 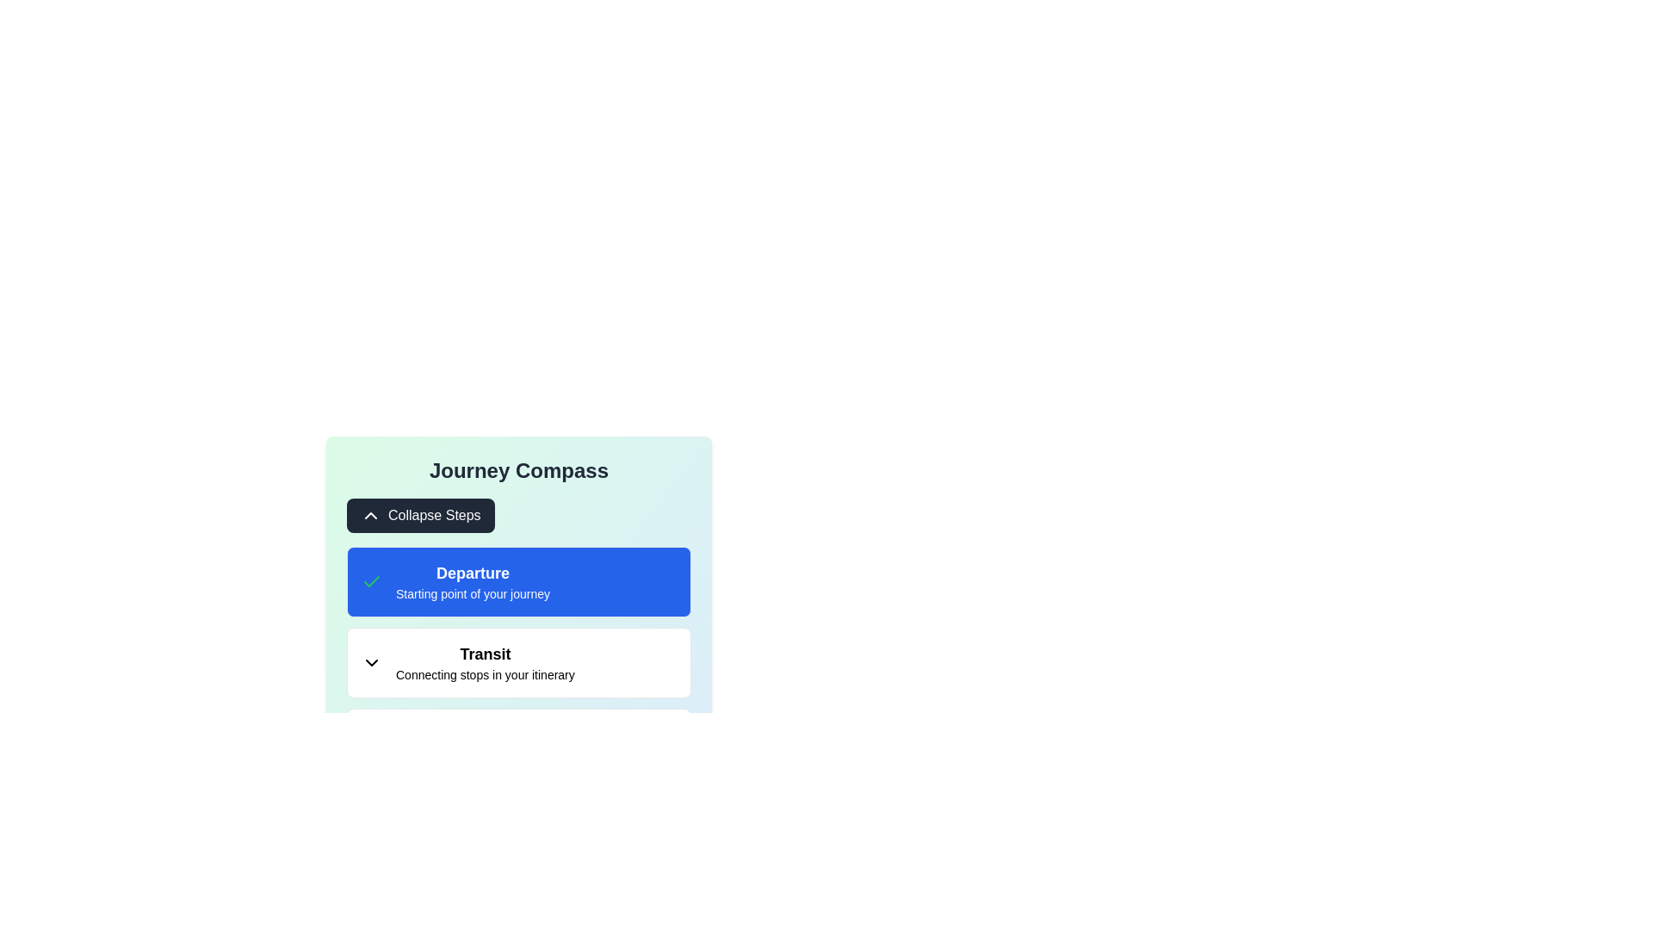 What do you see at coordinates (484, 654) in the screenshot?
I see `the text label that serves as the title for the transit-related details, positioned centrally within the white rectangular section below the 'Departure' card` at bounding box center [484, 654].